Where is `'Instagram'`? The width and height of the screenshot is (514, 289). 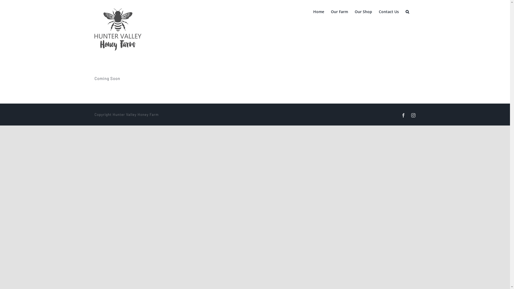
'Instagram' is located at coordinates (411, 115).